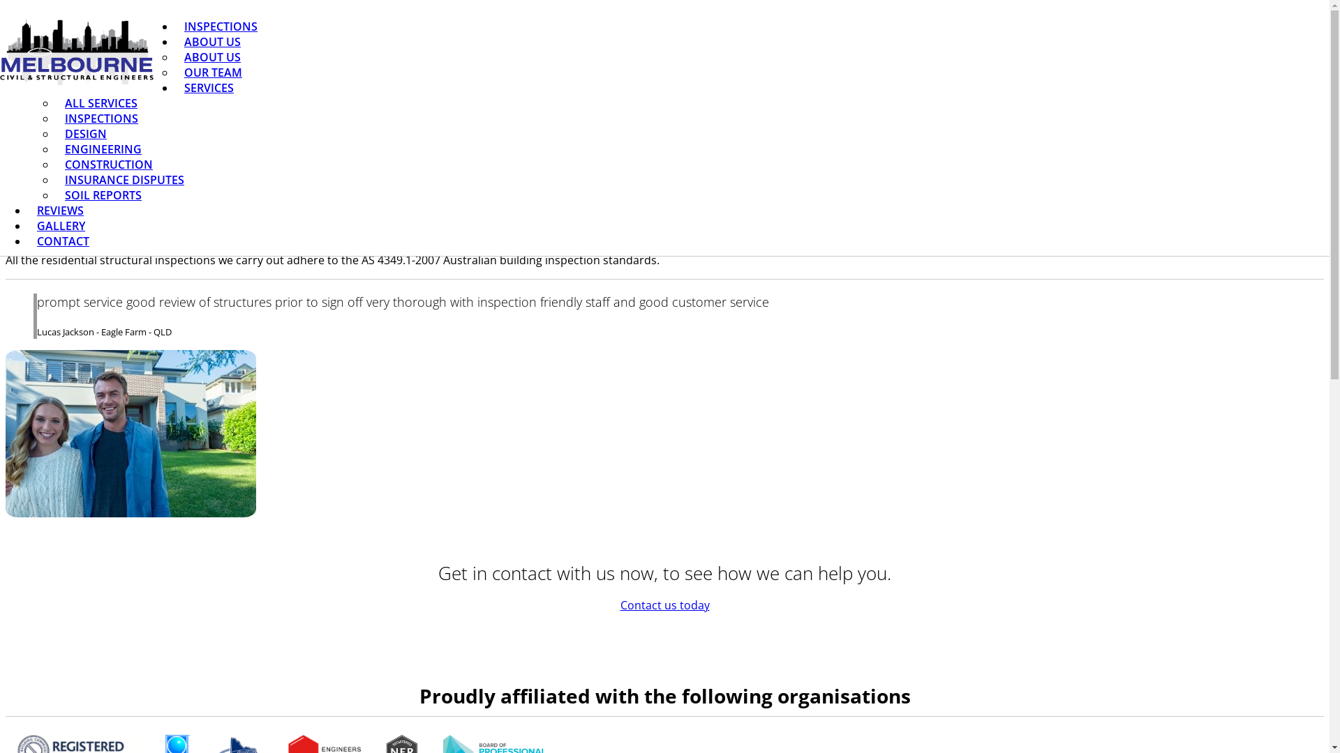  I want to click on 'INSPECTIONS', so click(220, 26).